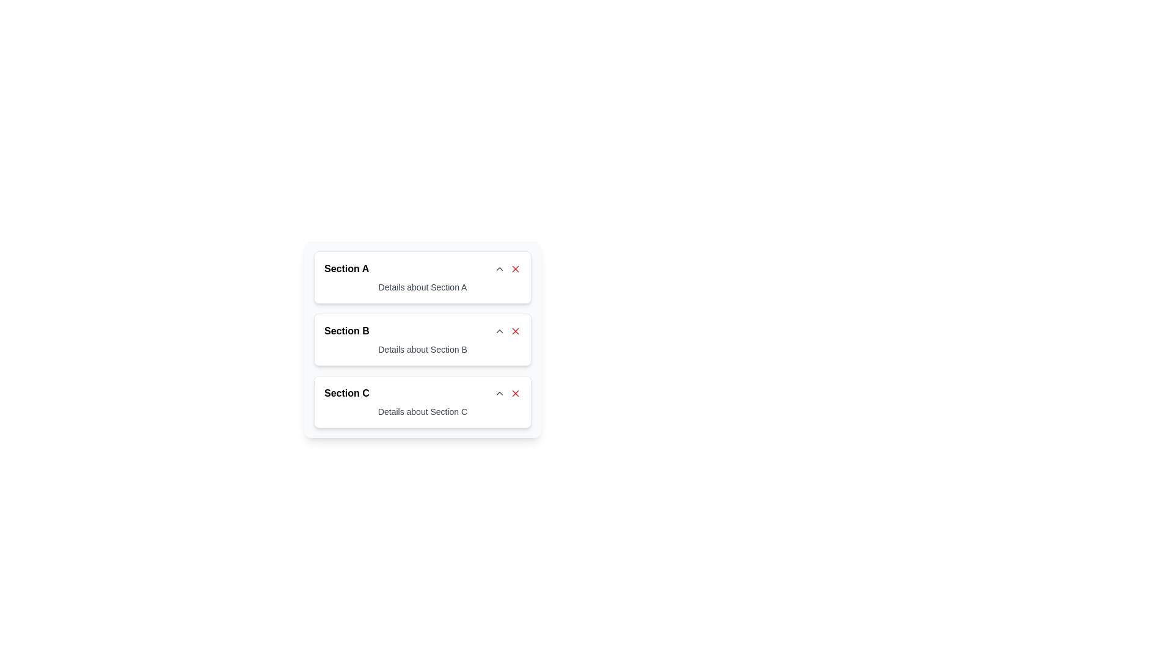 The height and width of the screenshot is (659, 1173). What do you see at coordinates (346, 393) in the screenshot?
I see `the Text Label that serves as a header for the collapsible section labeled 'Section C'` at bounding box center [346, 393].